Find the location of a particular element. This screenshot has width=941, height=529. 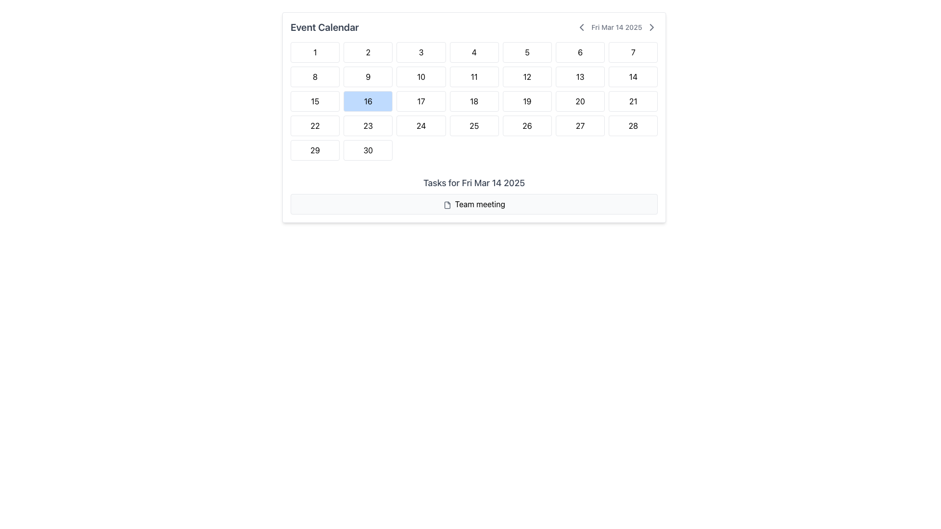

the rectangular button labeled '2' with a bold black font on a white background is located at coordinates (368, 52).